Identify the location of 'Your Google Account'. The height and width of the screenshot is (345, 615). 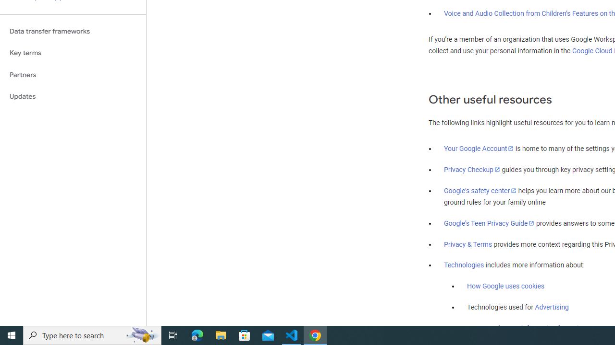
(479, 148).